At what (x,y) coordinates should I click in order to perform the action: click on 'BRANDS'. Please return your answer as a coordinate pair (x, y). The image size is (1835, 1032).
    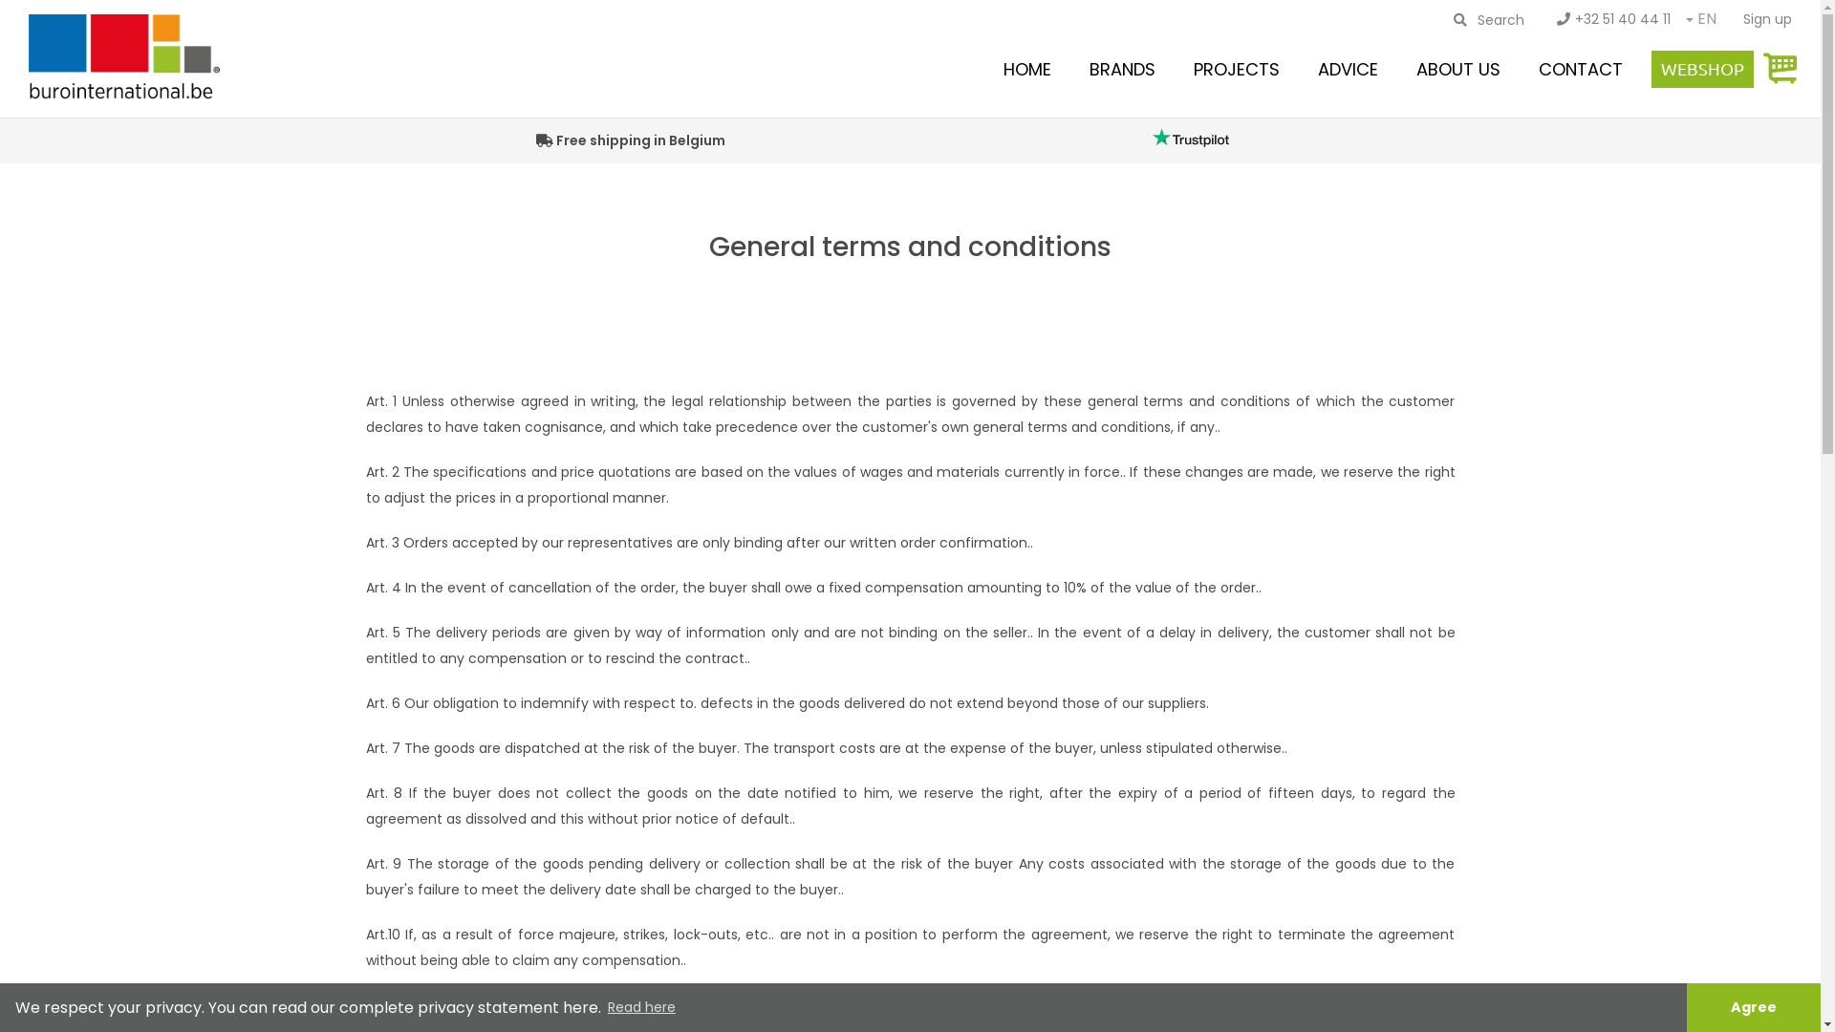
    Looking at the image, I should click on (1122, 68).